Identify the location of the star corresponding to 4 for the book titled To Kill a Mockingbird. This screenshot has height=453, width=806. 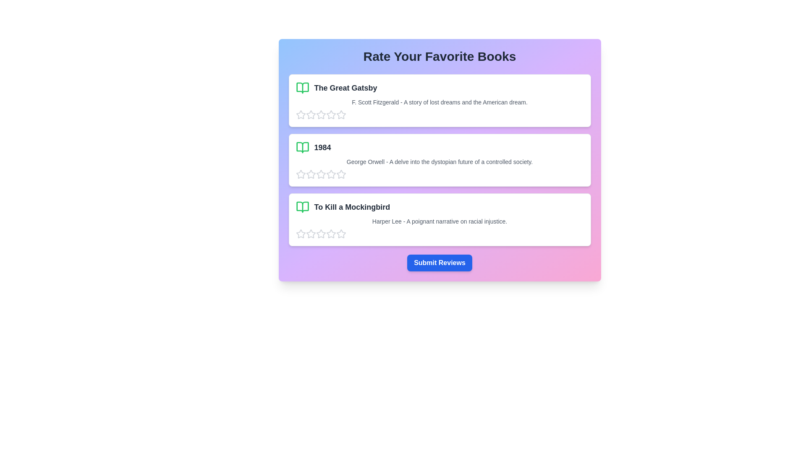
(330, 234).